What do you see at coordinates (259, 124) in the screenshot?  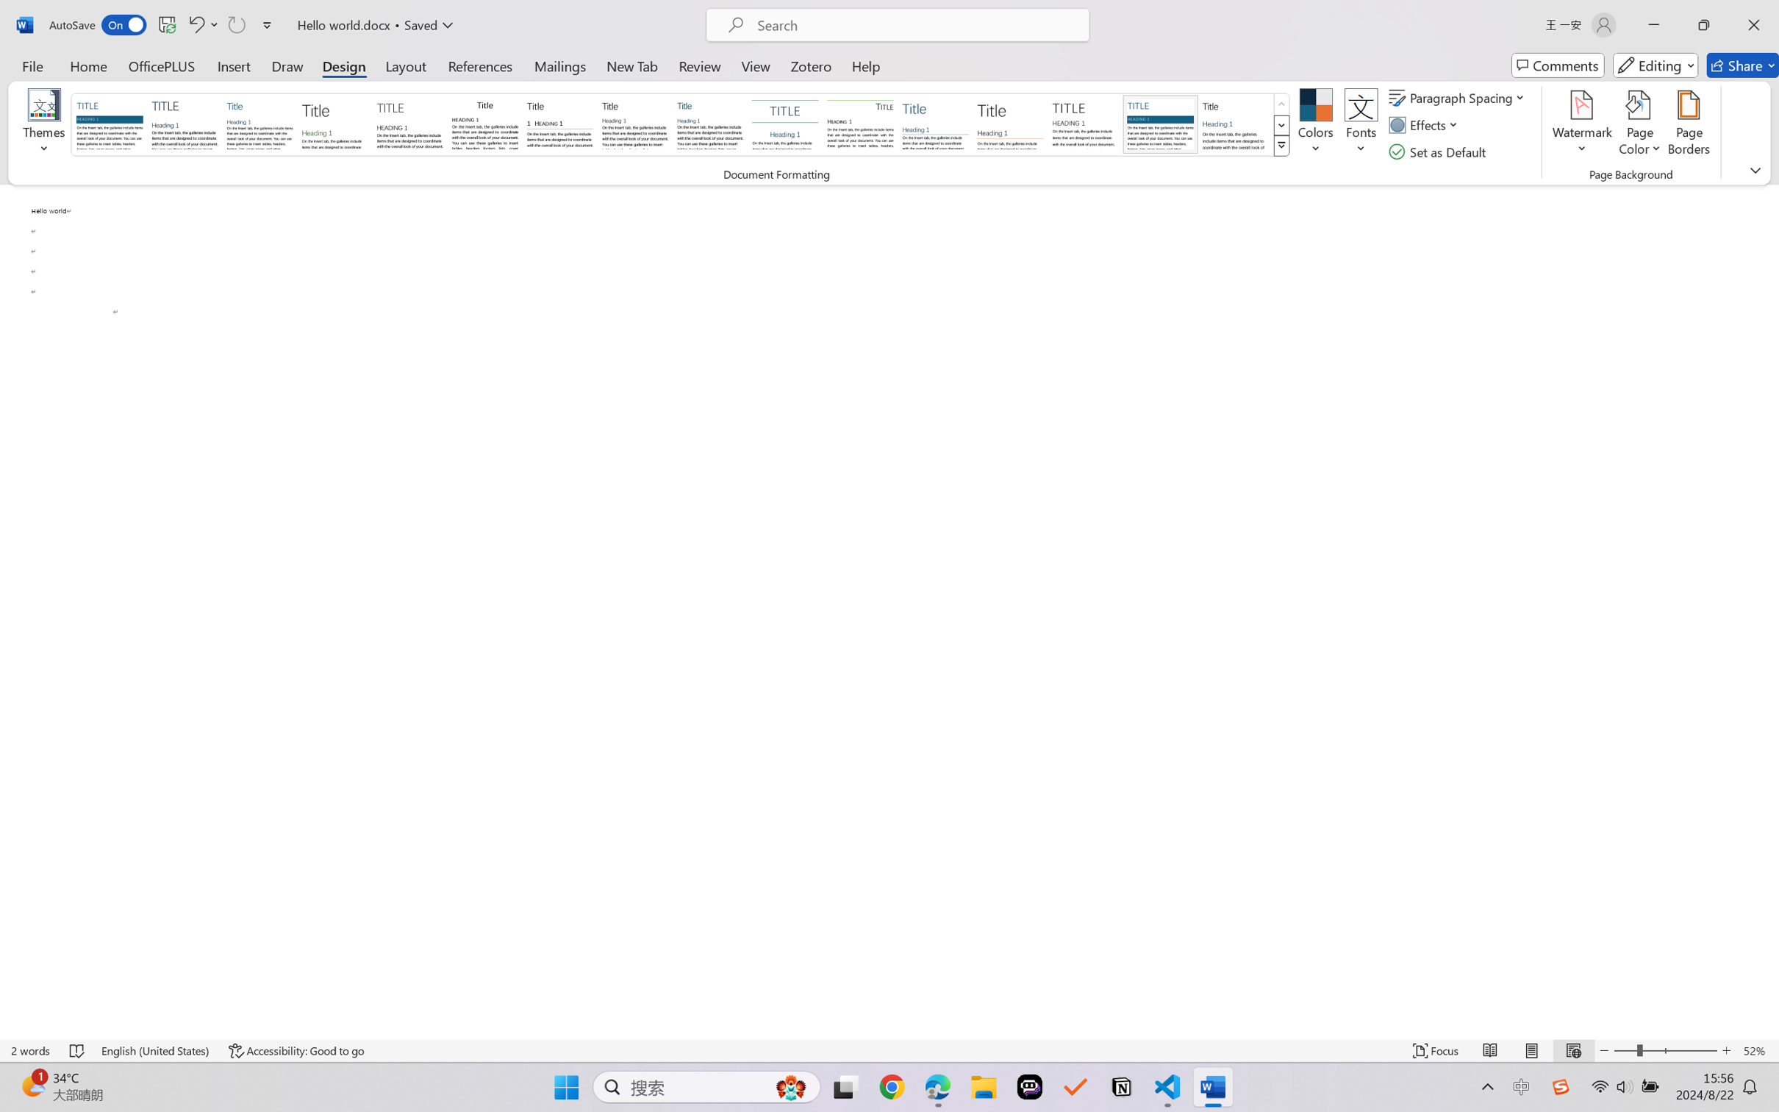 I see `'Basic (Simple)'` at bounding box center [259, 124].